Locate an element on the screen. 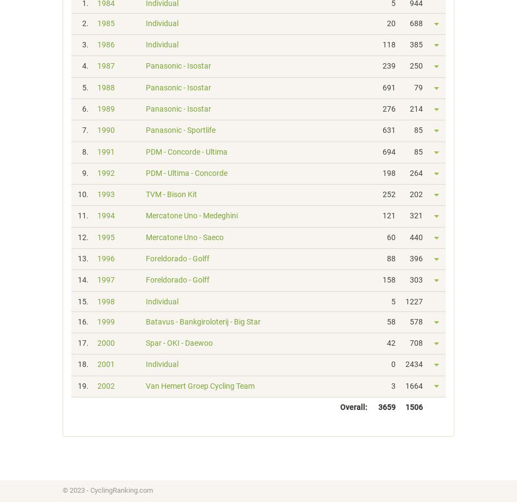  '8.' is located at coordinates (85, 150).